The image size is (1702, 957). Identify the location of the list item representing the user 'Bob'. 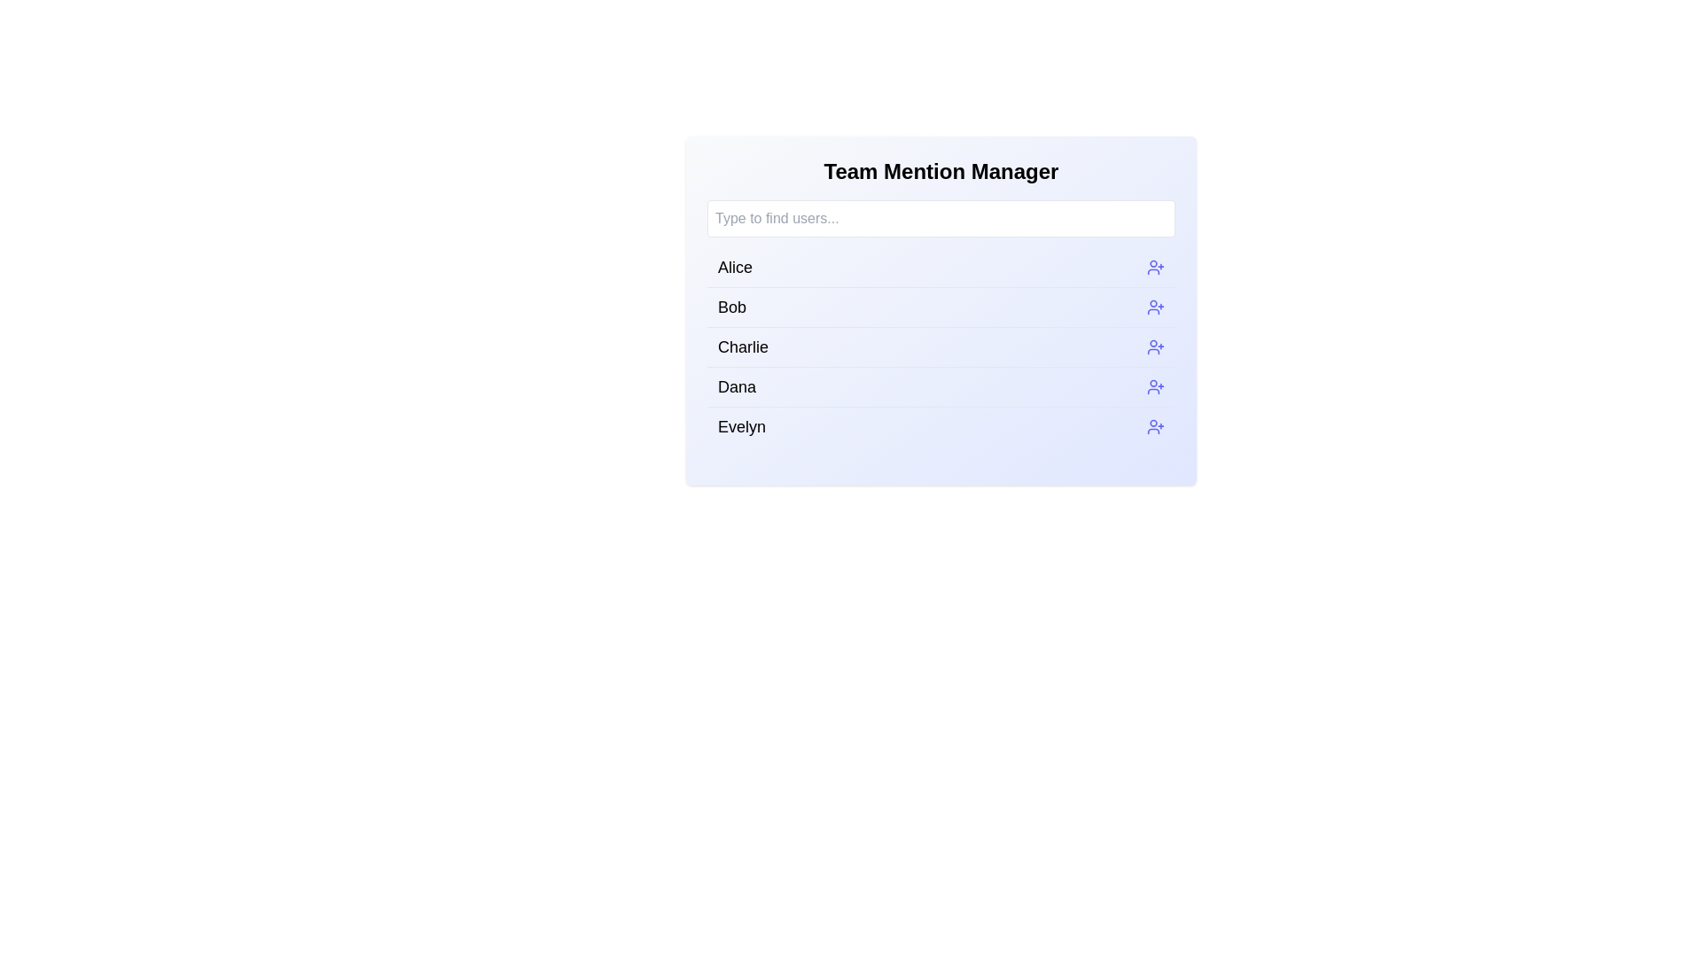
(940, 323).